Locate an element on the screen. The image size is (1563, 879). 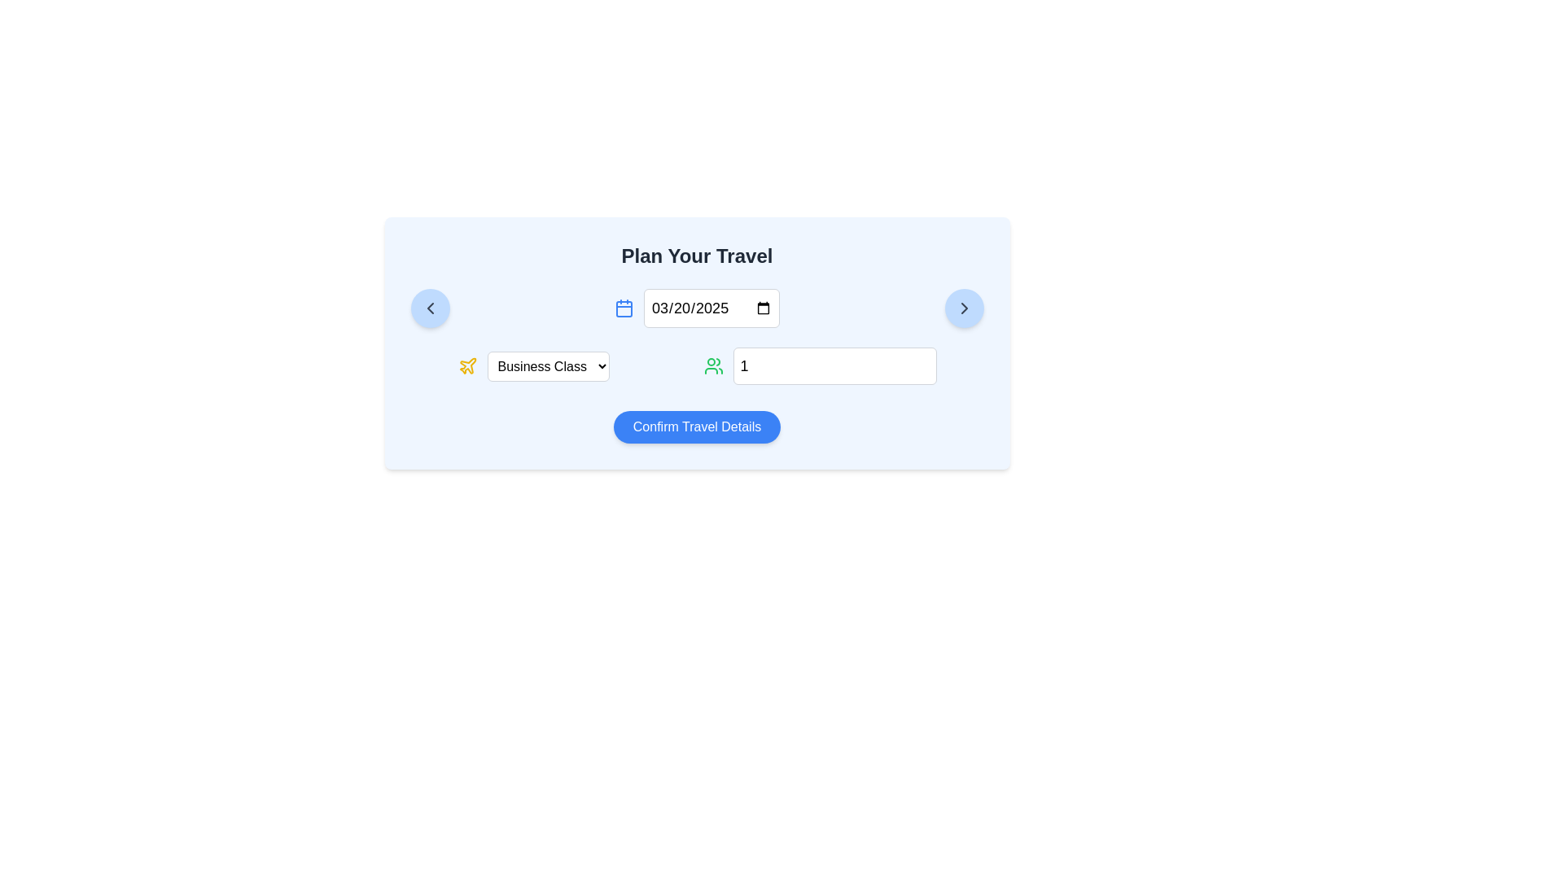
the confirmation button located at the bottom of the 'Plan Your Travel' section to confirm the selection of travel details is located at coordinates (697, 426).